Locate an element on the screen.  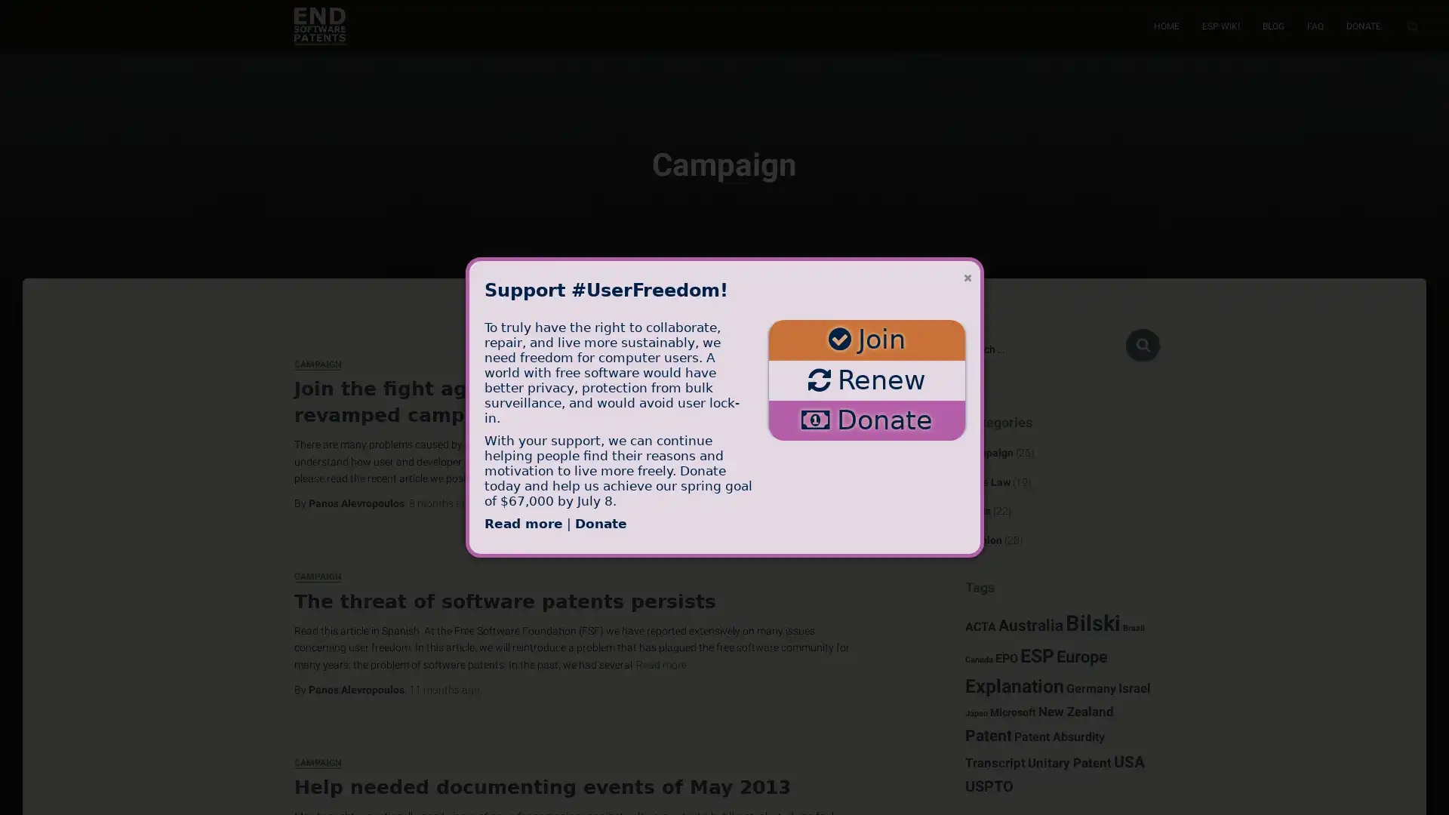
Search is located at coordinates (1143, 344).